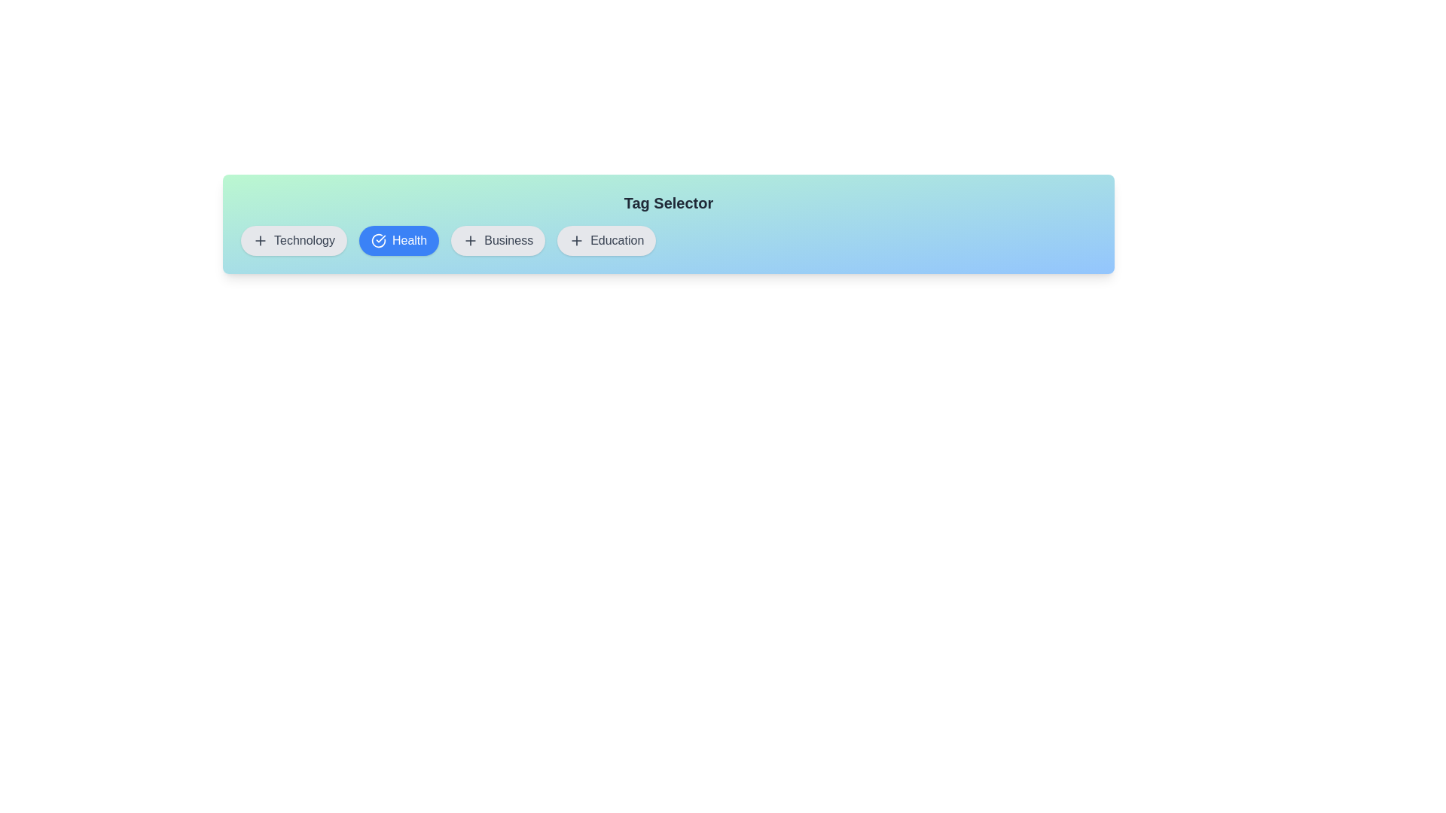 The width and height of the screenshot is (1446, 813). I want to click on the tag Business by clicking on it, so click(498, 240).